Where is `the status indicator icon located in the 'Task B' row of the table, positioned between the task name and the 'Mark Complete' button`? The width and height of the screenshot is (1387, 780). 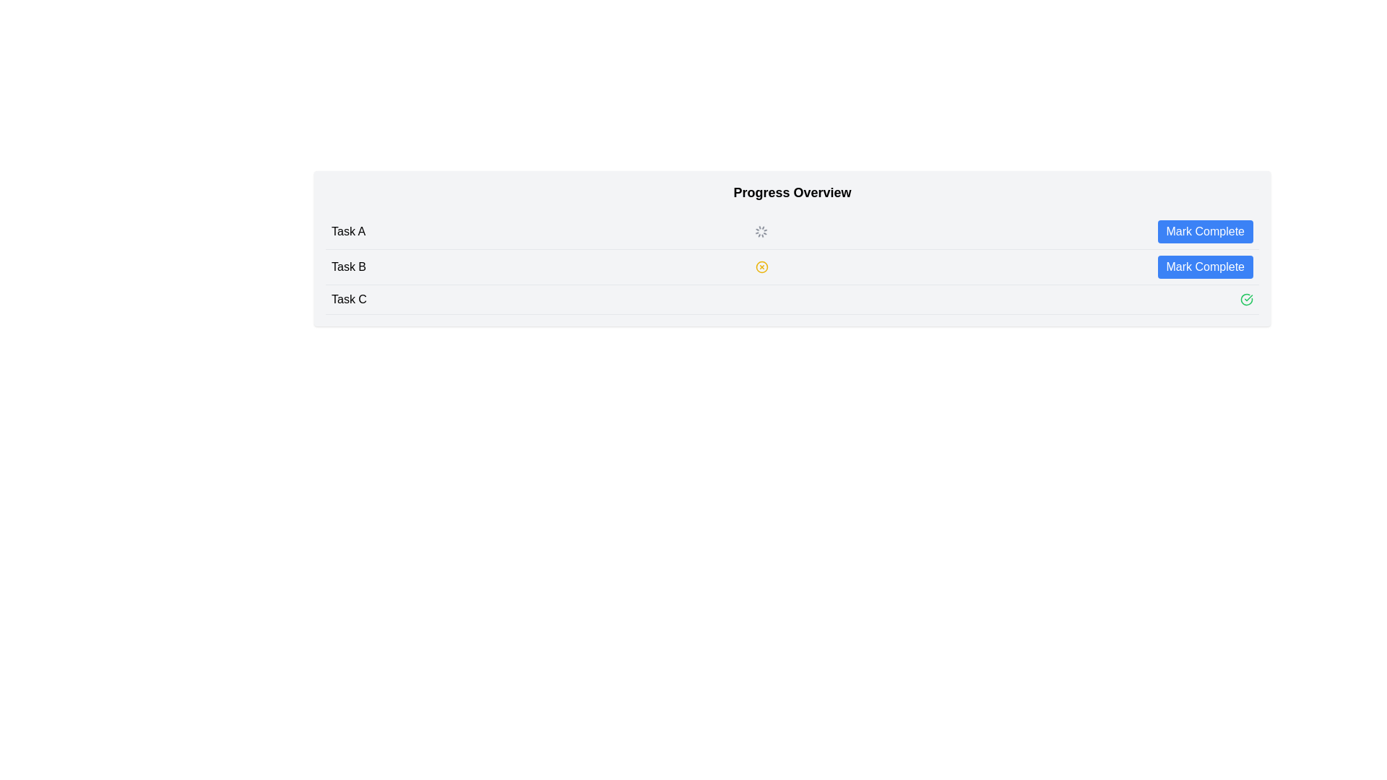 the status indicator icon located in the 'Task B' row of the table, positioned between the task name and the 'Mark Complete' button is located at coordinates (761, 267).